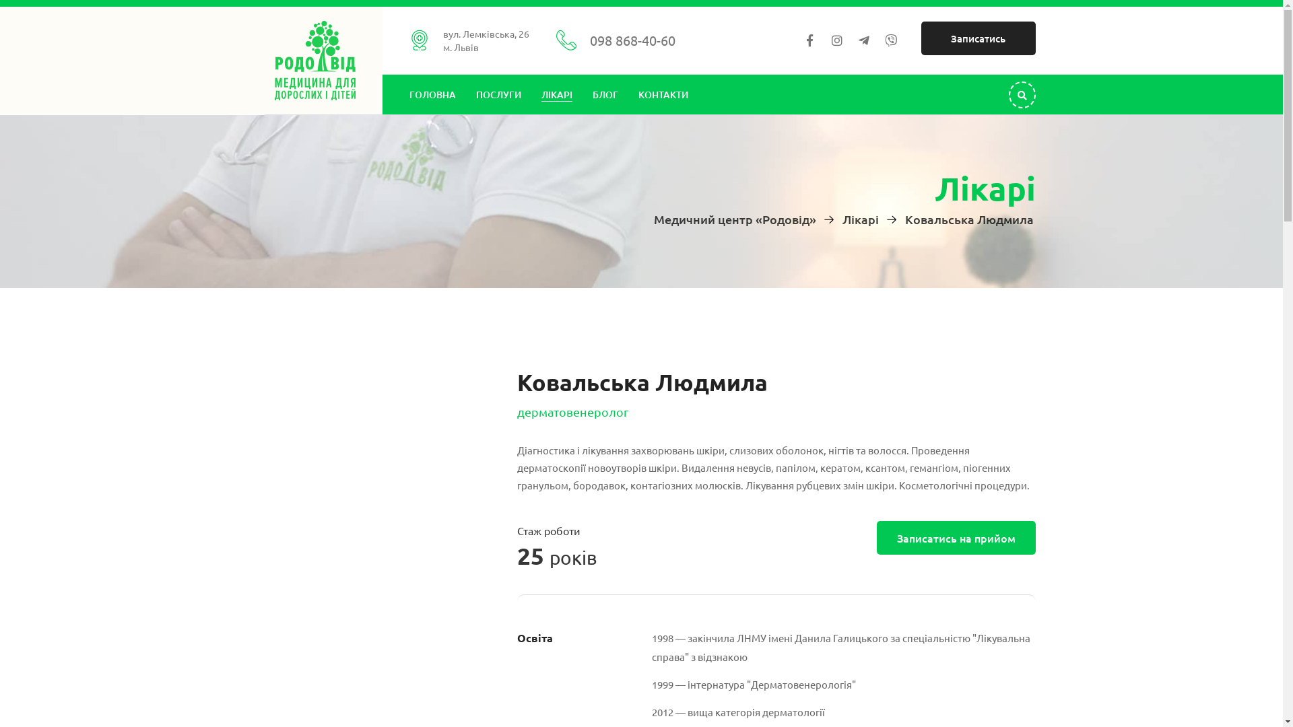 The width and height of the screenshot is (1293, 727). I want to click on '098 868-40-60', so click(632, 40).